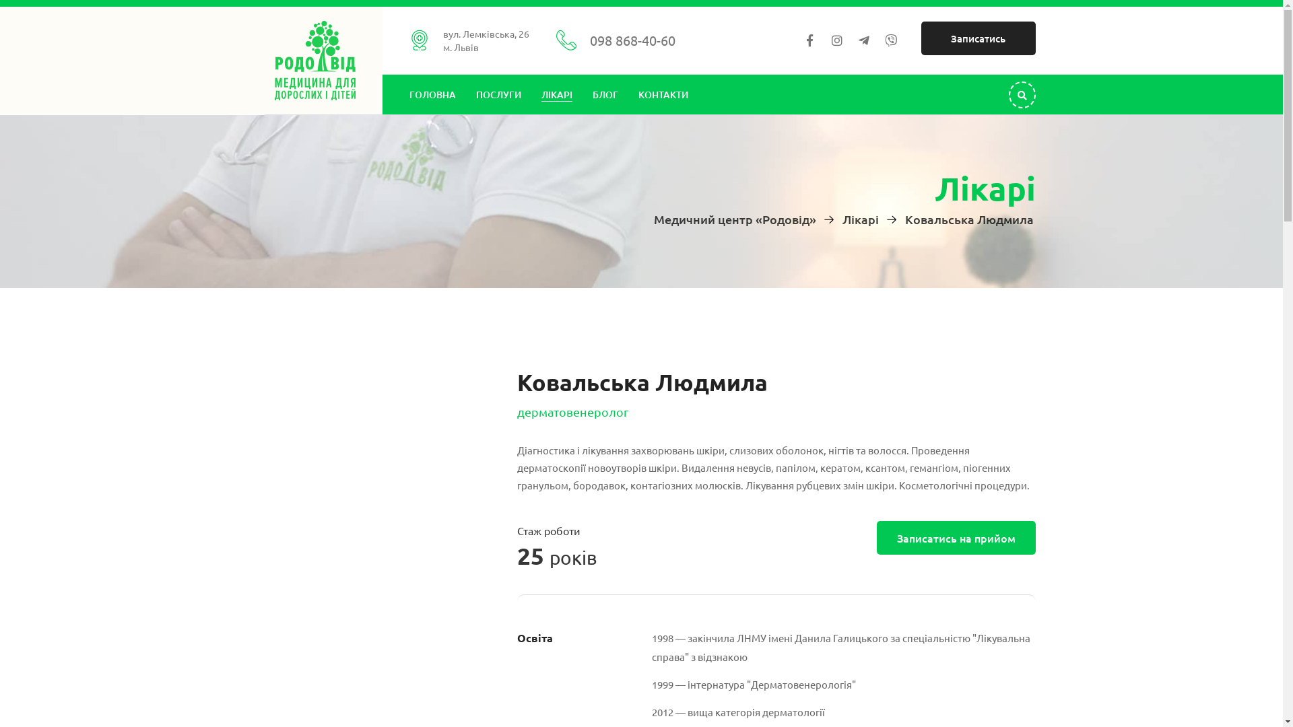 The width and height of the screenshot is (1293, 727). I want to click on '098 868-40-60', so click(632, 40).